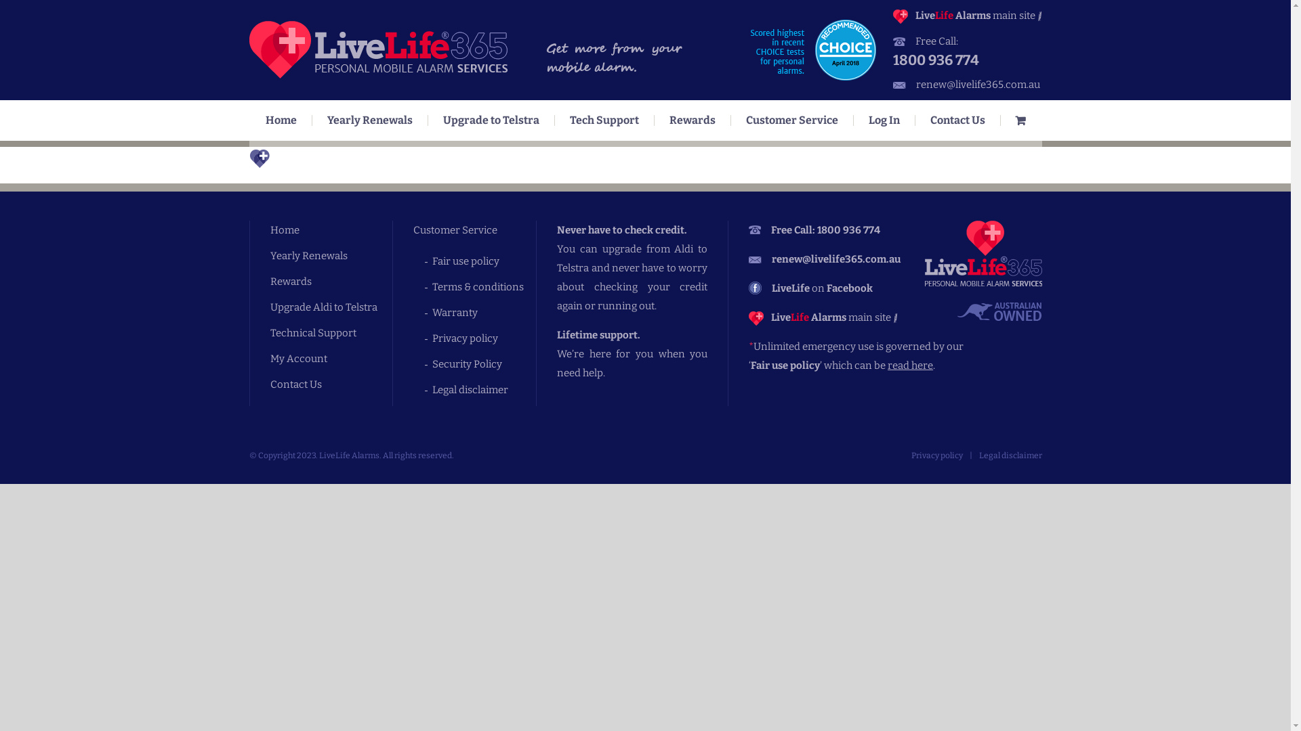 This screenshot has height=731, width=1301. Describe the element at coordinates (1010, 455) in the screenshot. I see `'Legal disclaimer'` at that location.